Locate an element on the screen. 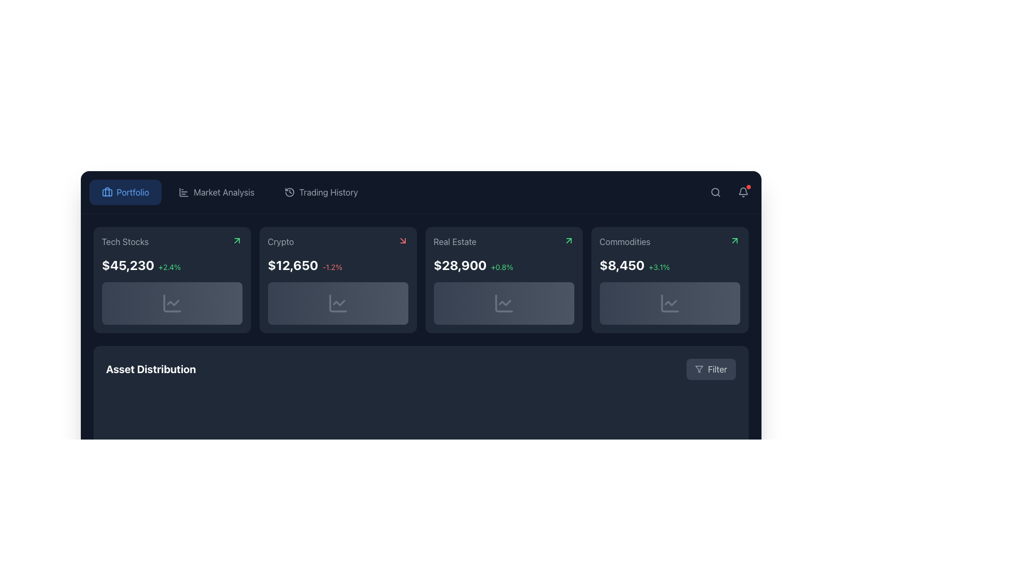 The width and height of the screenshot is (1021, 574). the static text label displaying the value '$28,900' which is located in the 'Real Estate' panel, below the title and to the left of the green percentage text '+0.8%' is located at coordinates (460, 264).